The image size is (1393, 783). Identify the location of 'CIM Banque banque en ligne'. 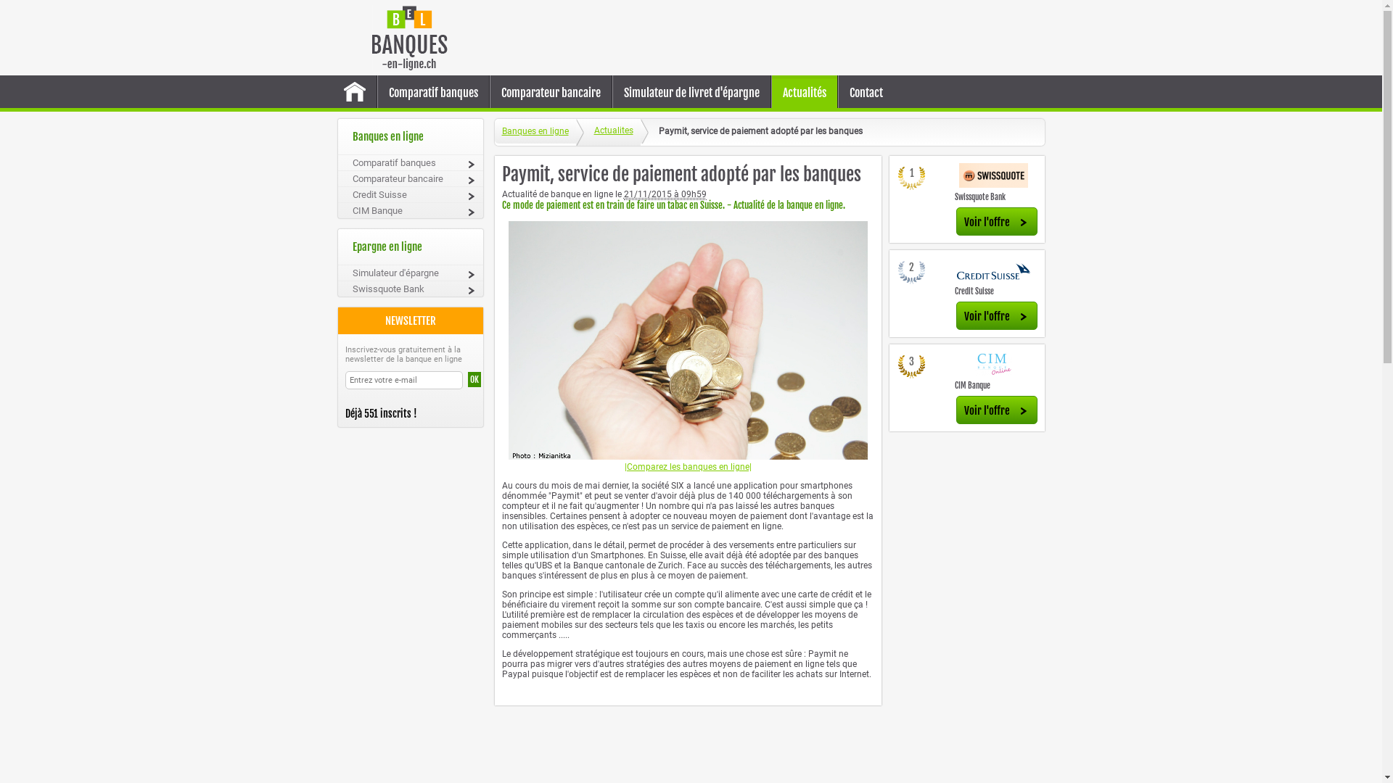
(950, 364).